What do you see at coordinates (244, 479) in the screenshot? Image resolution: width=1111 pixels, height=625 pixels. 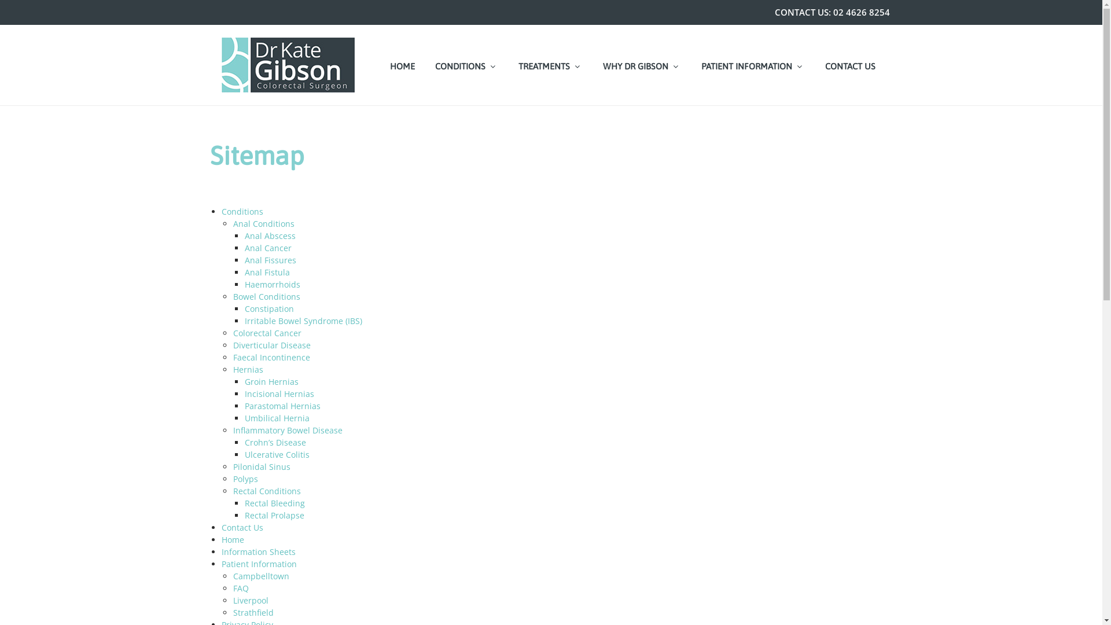 I see `'Polyps'` at bounding box center [244, 479].